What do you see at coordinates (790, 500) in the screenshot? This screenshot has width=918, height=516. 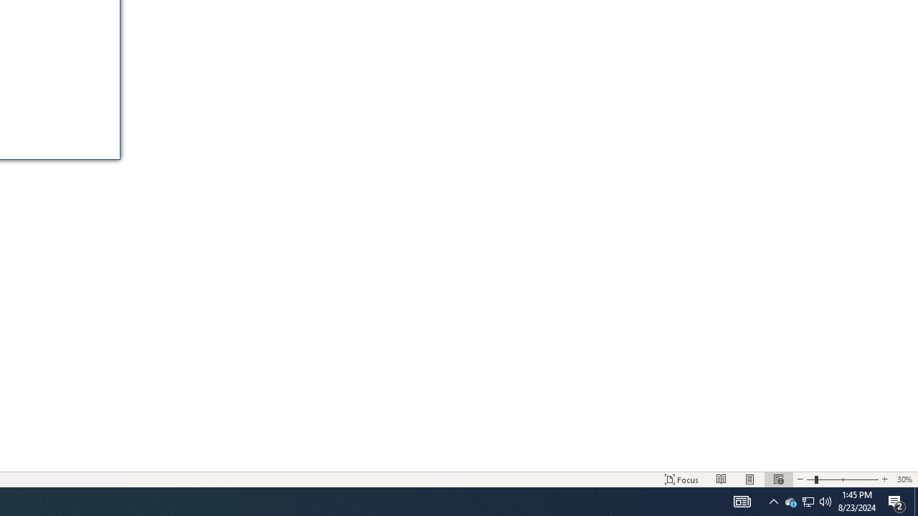 I see `'Q2790: 100%'` at bounding box center [790, 500].